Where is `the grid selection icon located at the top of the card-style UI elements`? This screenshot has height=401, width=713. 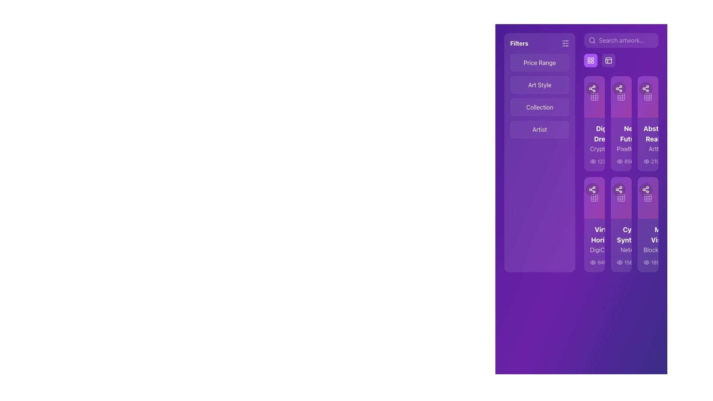 the grid selection icon located at the top of the card-style UI elements is located at coordinates (595, 97).